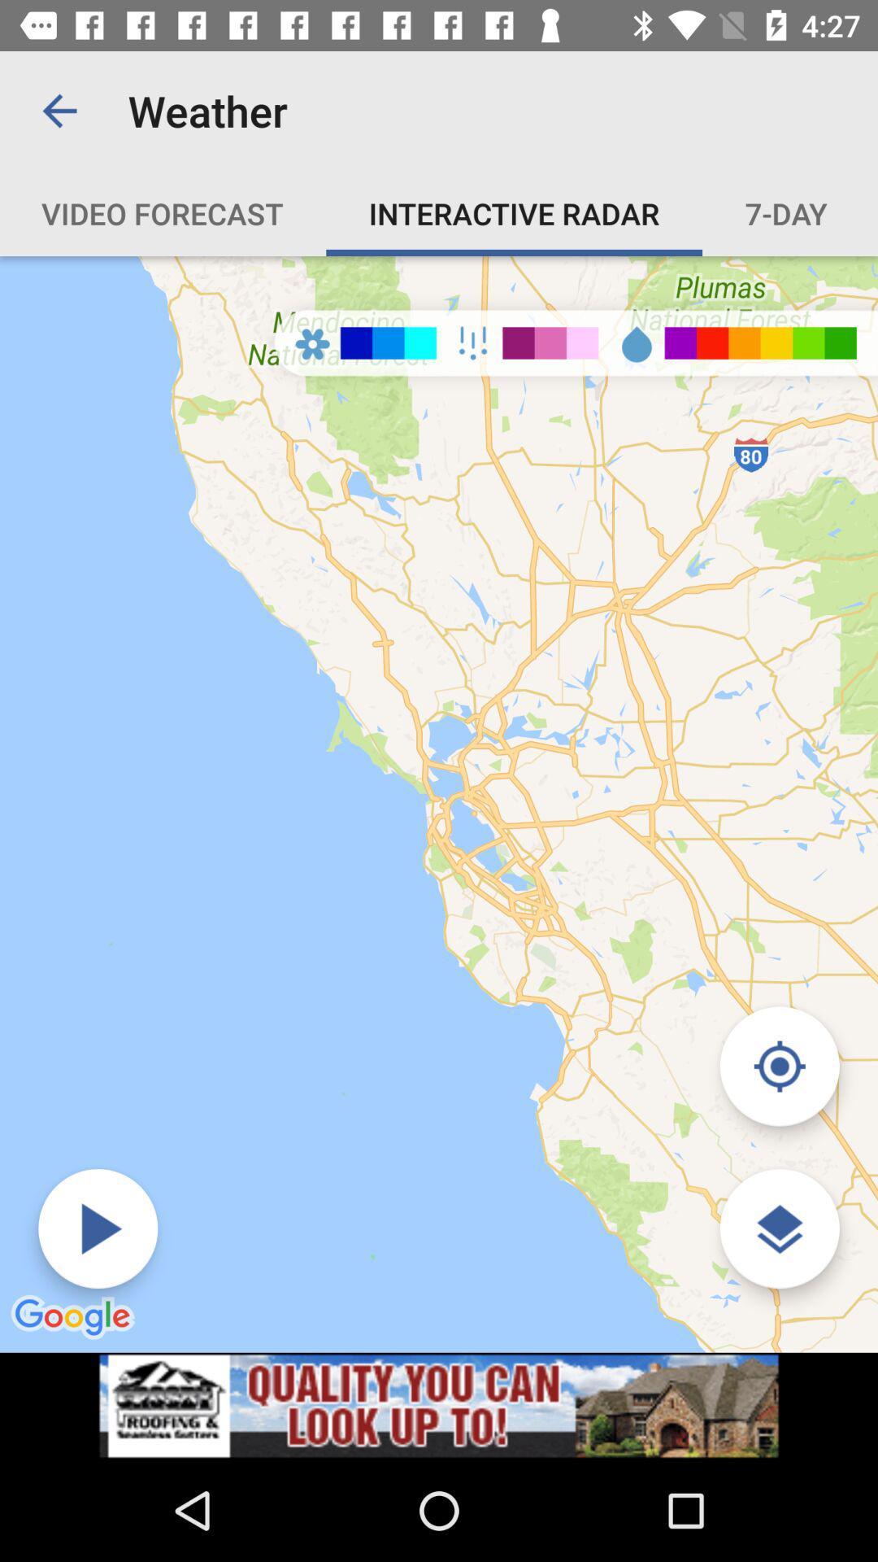  What do you see at coordinates (779, 1066) in the screenshot?
I see `the location_crosshair icon` at bounding box center [779, 1066].